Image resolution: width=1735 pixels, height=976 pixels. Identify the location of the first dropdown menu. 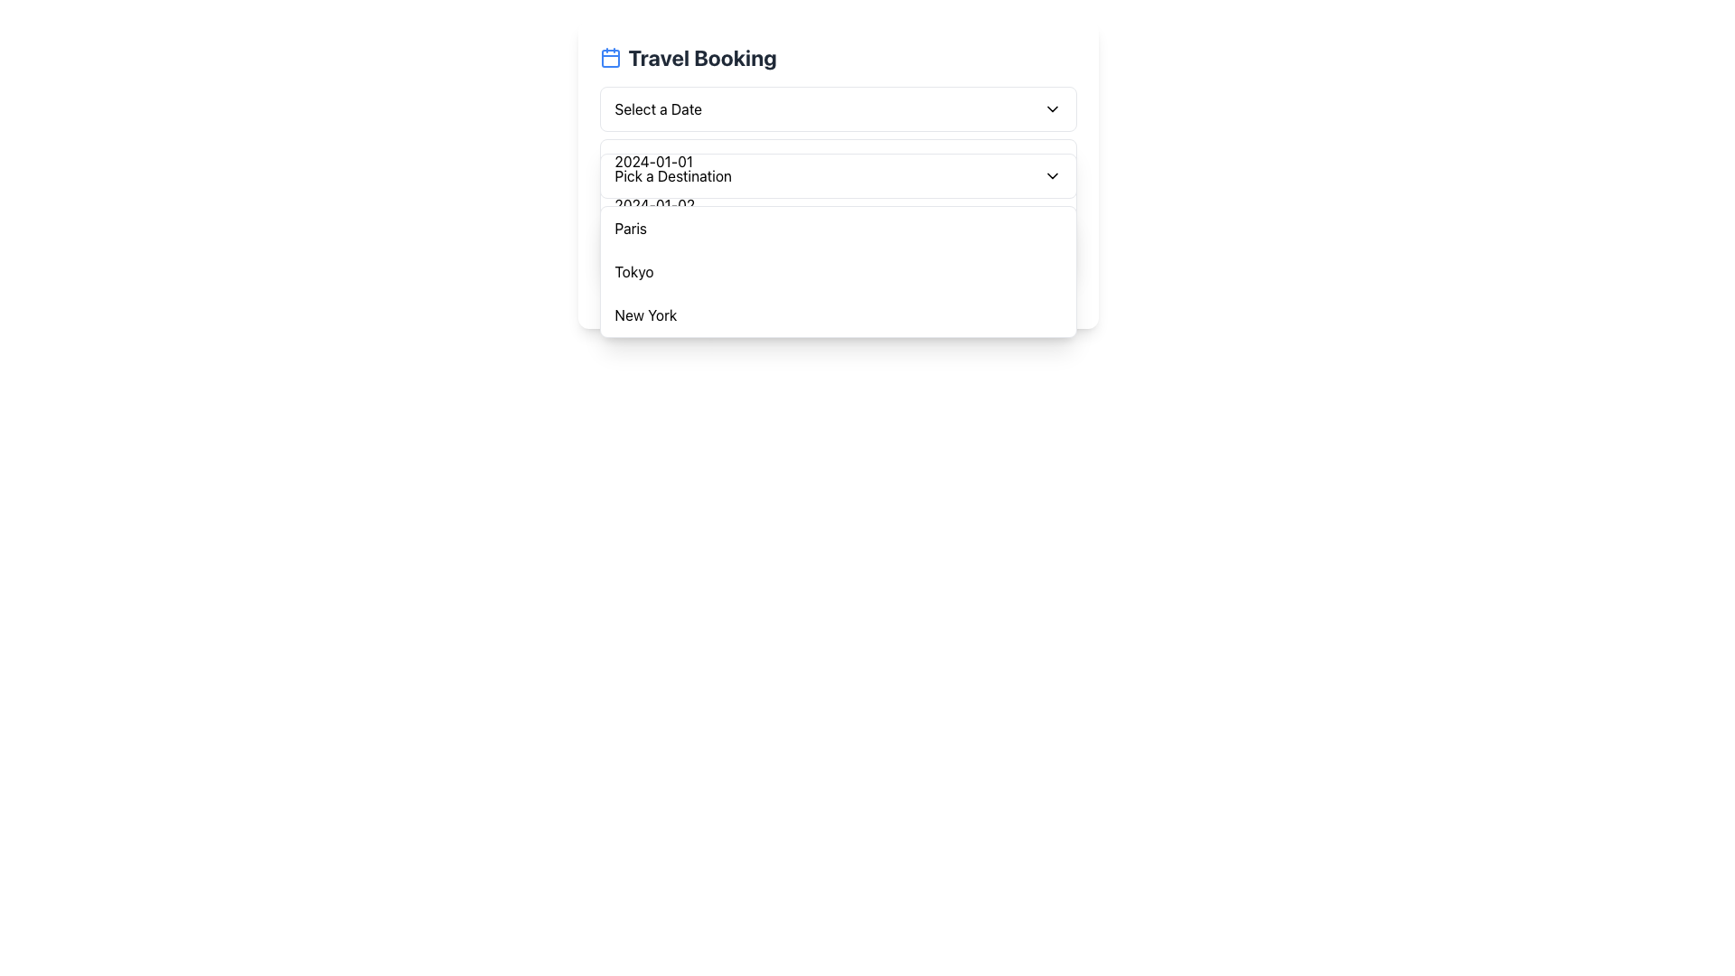
(837, 108).